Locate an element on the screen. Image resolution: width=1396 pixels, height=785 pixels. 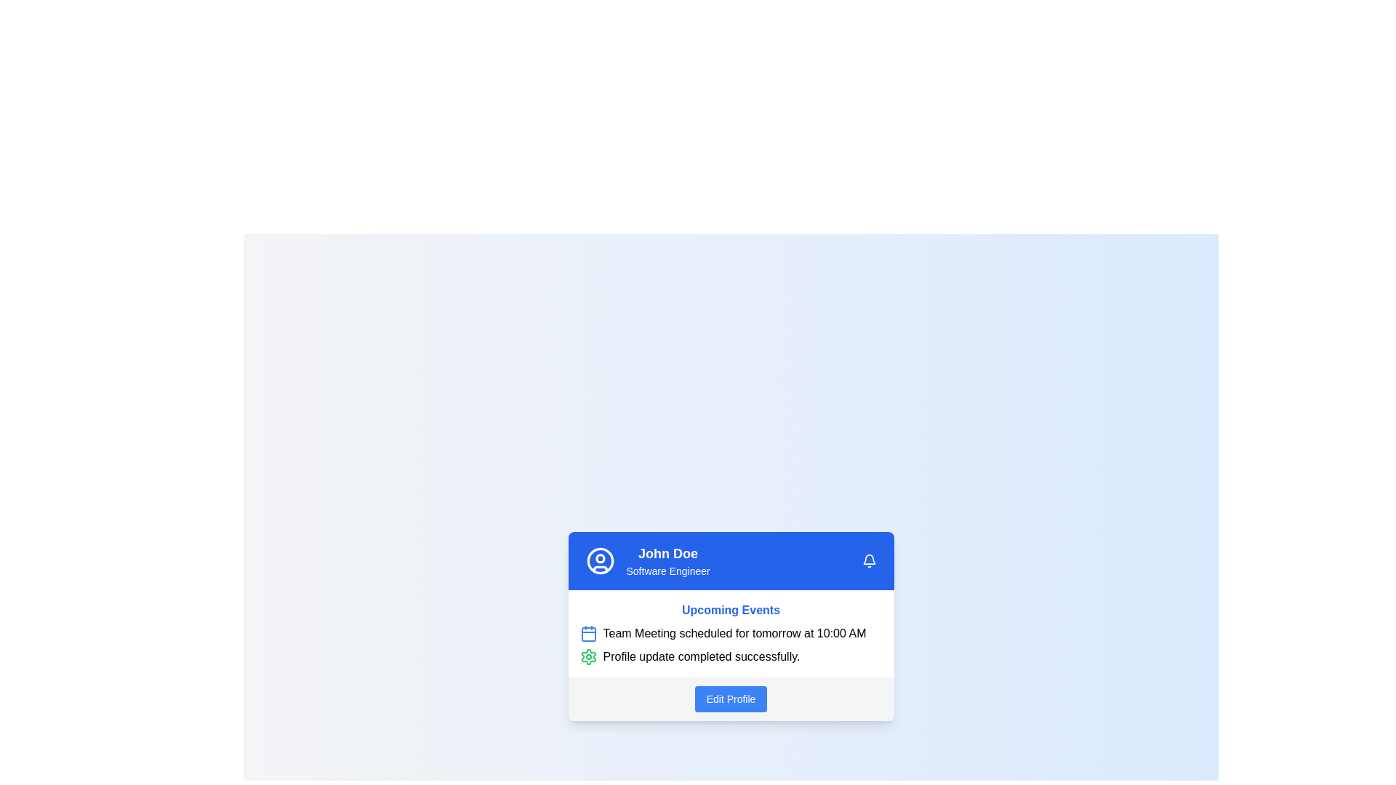
the calendar icon, which is located on the leftmost side of the 'Team Meeting scheduled for tomorrow at 10:00 AM' text, featuring a blue stroke and a square outline with rounded corners is located at coordinates (588, 632).